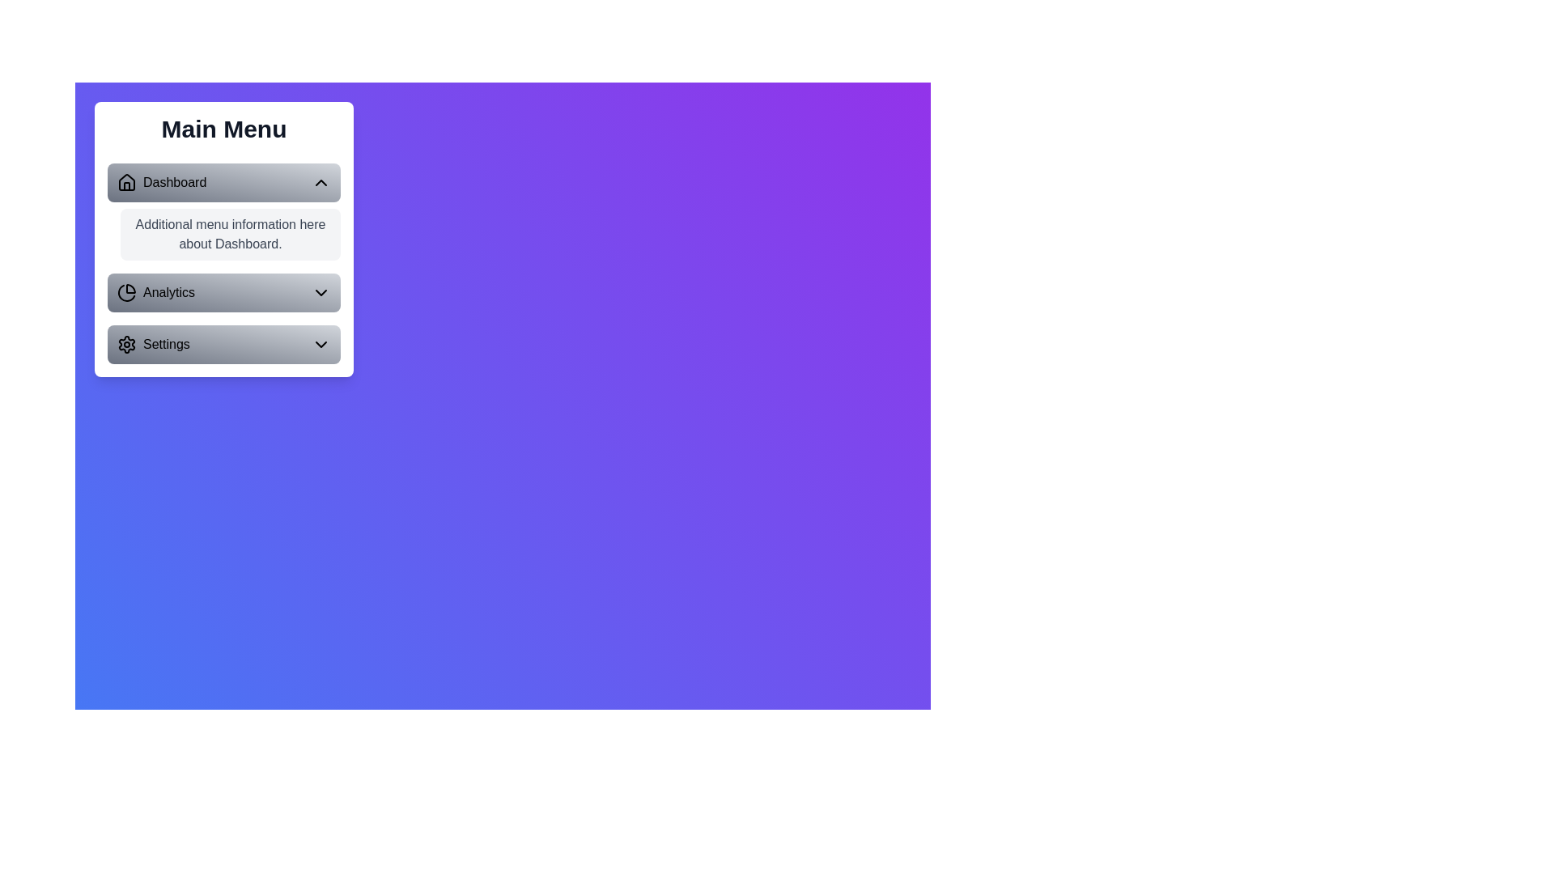 This screenshot has height=874, width=1554. What do you see at coordinates (223, 263) in the screenshot?
I see `the Informational text block that displays auxiliary information about the 'Dashboard' menu item` at bounding box center [223, 263].